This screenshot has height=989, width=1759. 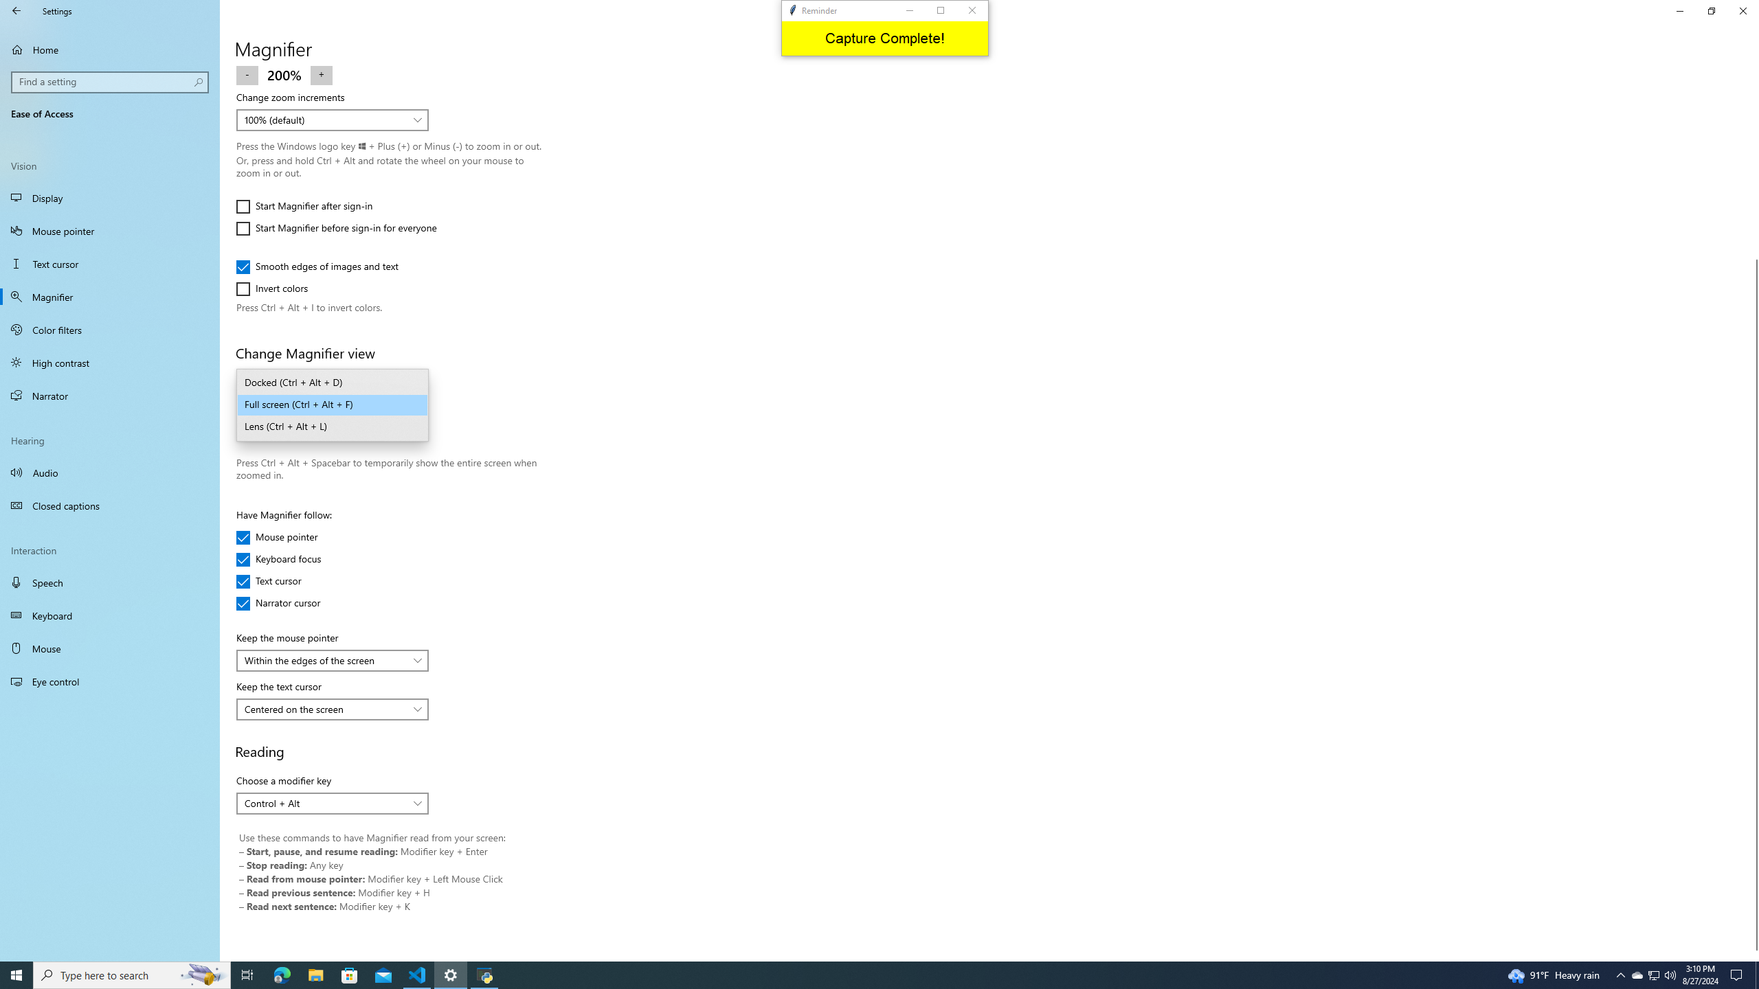 What do you see at coordinates (277, 537) in the screenshot?
I see `'Mouse pointer'` at bounding box center [277, 537].